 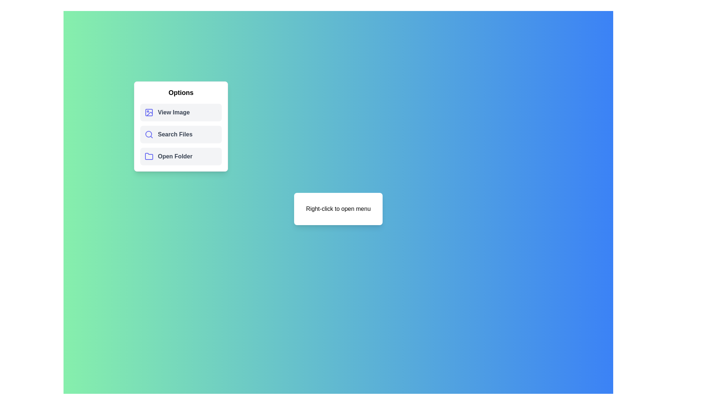 I want to click on the 'Open Folder' option in the menu, so click(x=181, y=156).